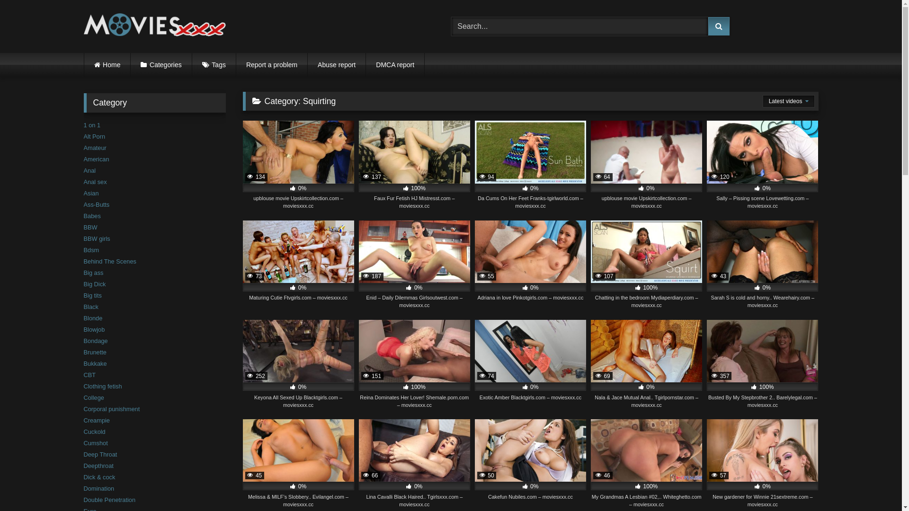 The width and height of the screenshot is (909, 511). What do you see at coordinates (0, 0) in the screenshot?
I see `'Skip to content'` at bounding box center [0, 0].